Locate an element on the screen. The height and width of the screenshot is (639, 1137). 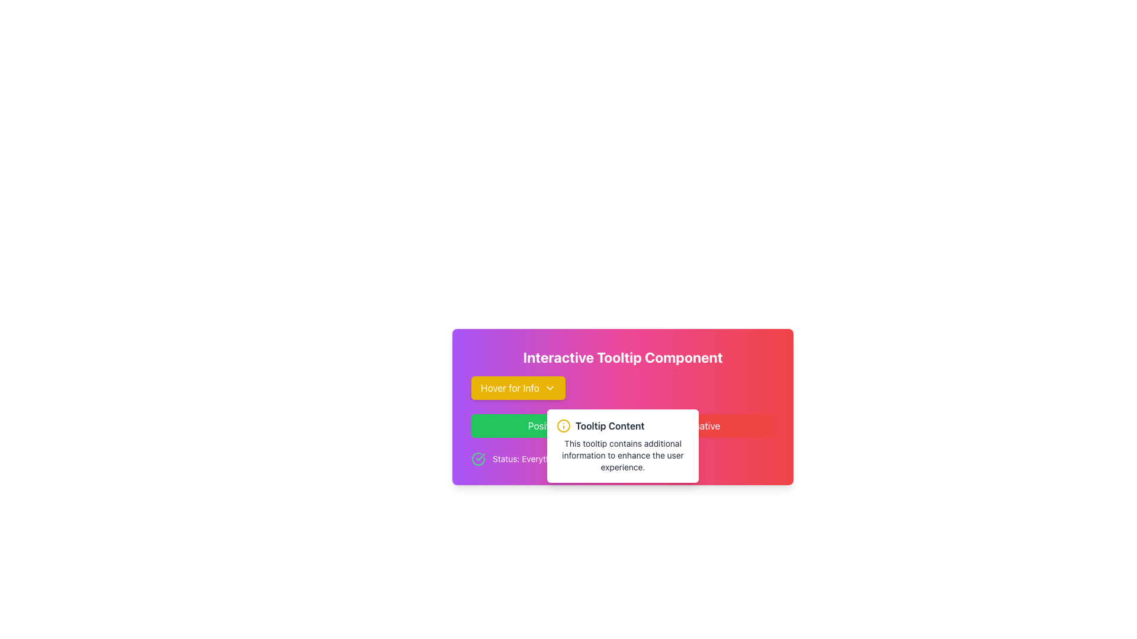
the text block displaying 'This tooltip contains additional information to enhance the user experience.' located below 'Tooltip Content' in the tooltip overlay is located at coordinates (622, 455).